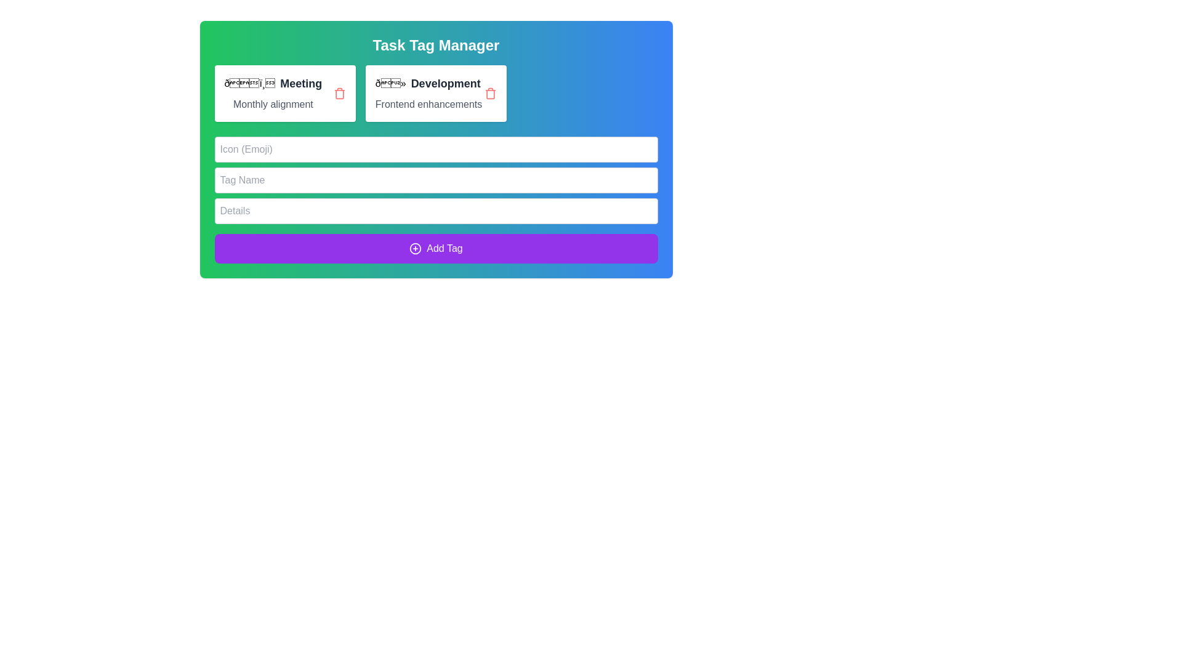  I want to click on the icons on the 'Development' task category card located in the 'Task Tag Manager' interface, so click(436, 92).